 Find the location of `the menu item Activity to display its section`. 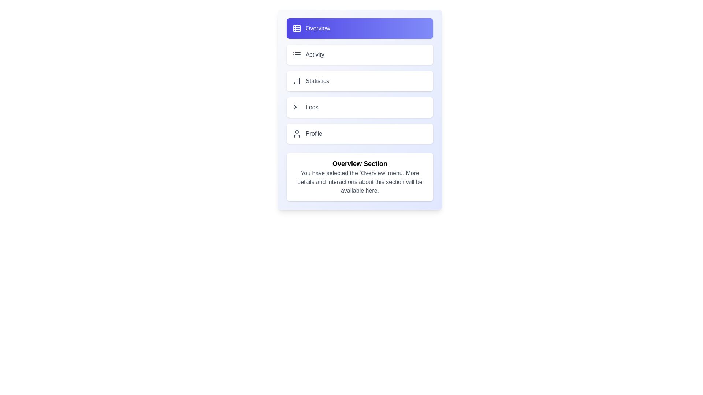

the menu item Activity to display its section is located at coordinates (360, 54).